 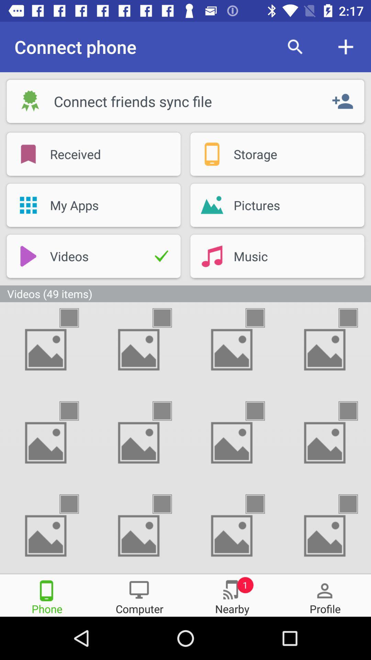 I want to click on picture, so click(x=168, y=317).